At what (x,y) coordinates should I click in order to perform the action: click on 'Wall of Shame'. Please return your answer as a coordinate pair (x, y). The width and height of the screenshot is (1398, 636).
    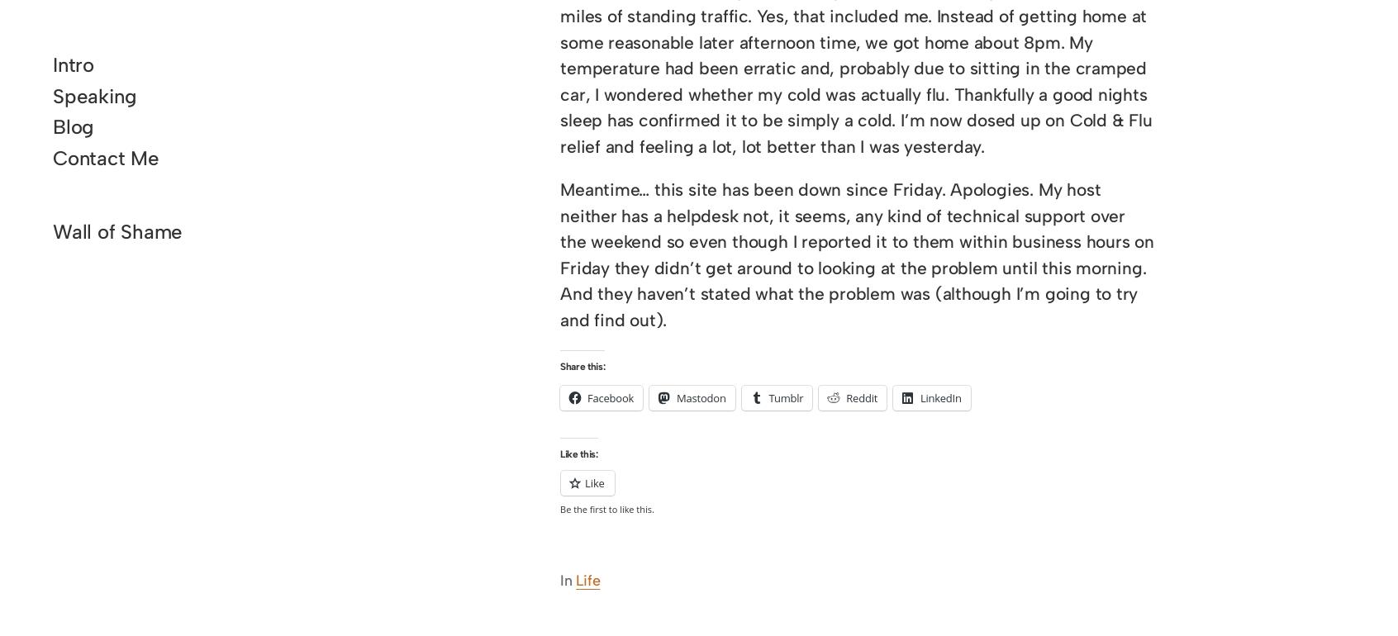
    Looking at the image, I should click on (51, 231).